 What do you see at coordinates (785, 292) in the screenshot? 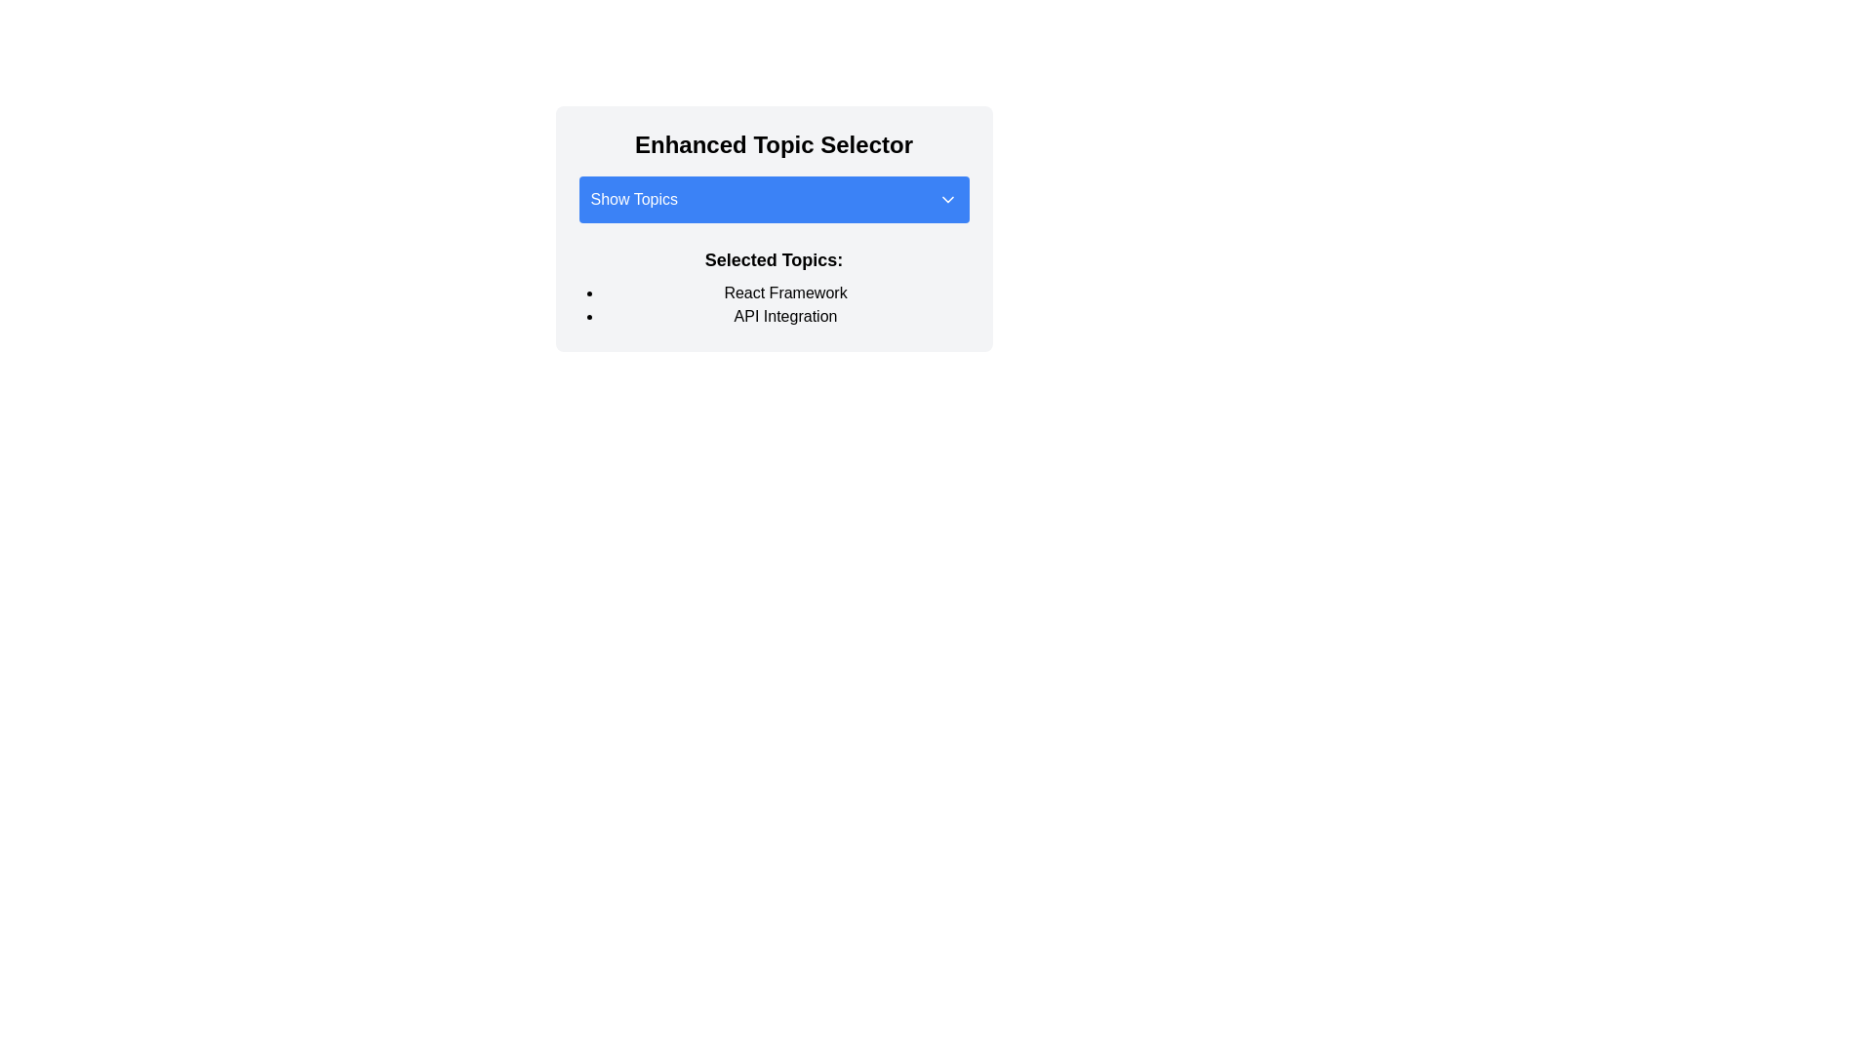
I see `the static text reading 'React Framework' which is the first item` at bounding box center [785, 292].